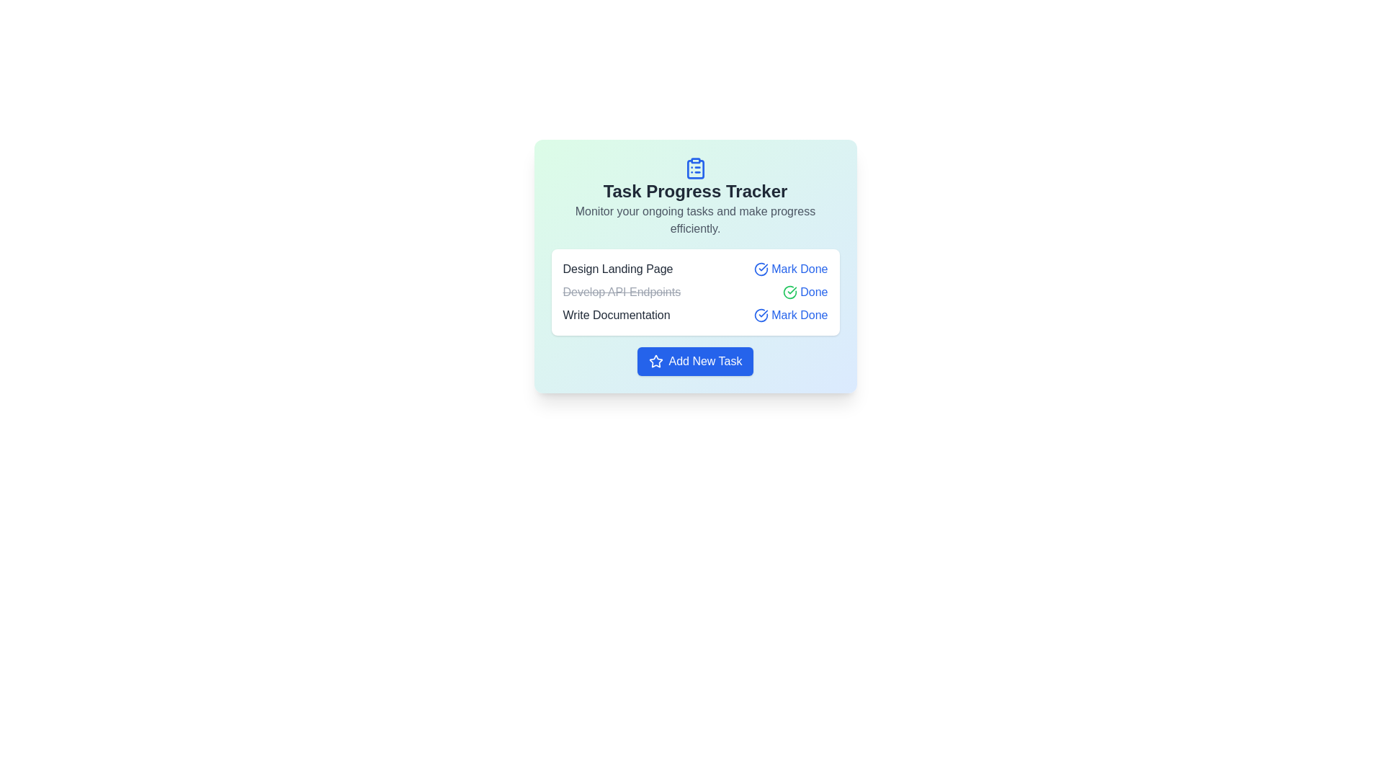 This screenshot has height=778, width=1383. What do you see at coordinates (799, 315) in the screenshot?
I see `the interactive Text label next to the checkmark icon in the third row under 'Write Documentation' to mark the task as done` at bounding box center [799, 315].